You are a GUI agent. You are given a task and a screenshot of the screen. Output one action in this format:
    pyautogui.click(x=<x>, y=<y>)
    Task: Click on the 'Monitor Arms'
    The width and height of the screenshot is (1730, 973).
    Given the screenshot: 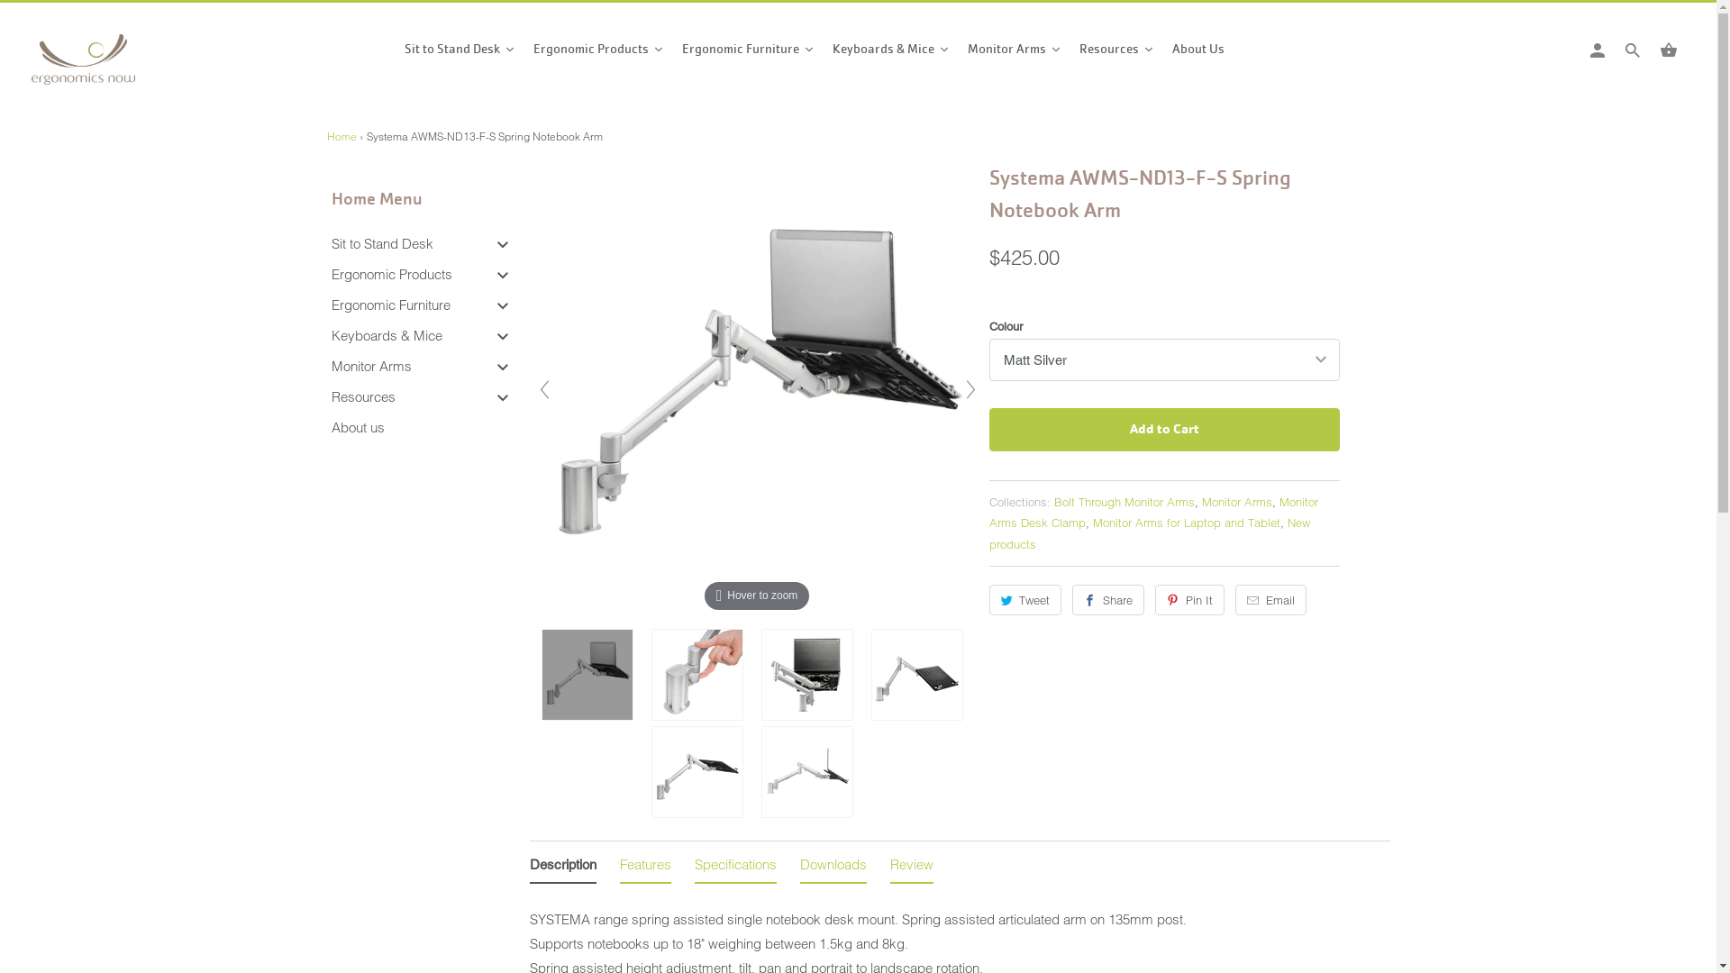 What is the action you would take?
    pyautogui.click(x=1015, y=51)
    